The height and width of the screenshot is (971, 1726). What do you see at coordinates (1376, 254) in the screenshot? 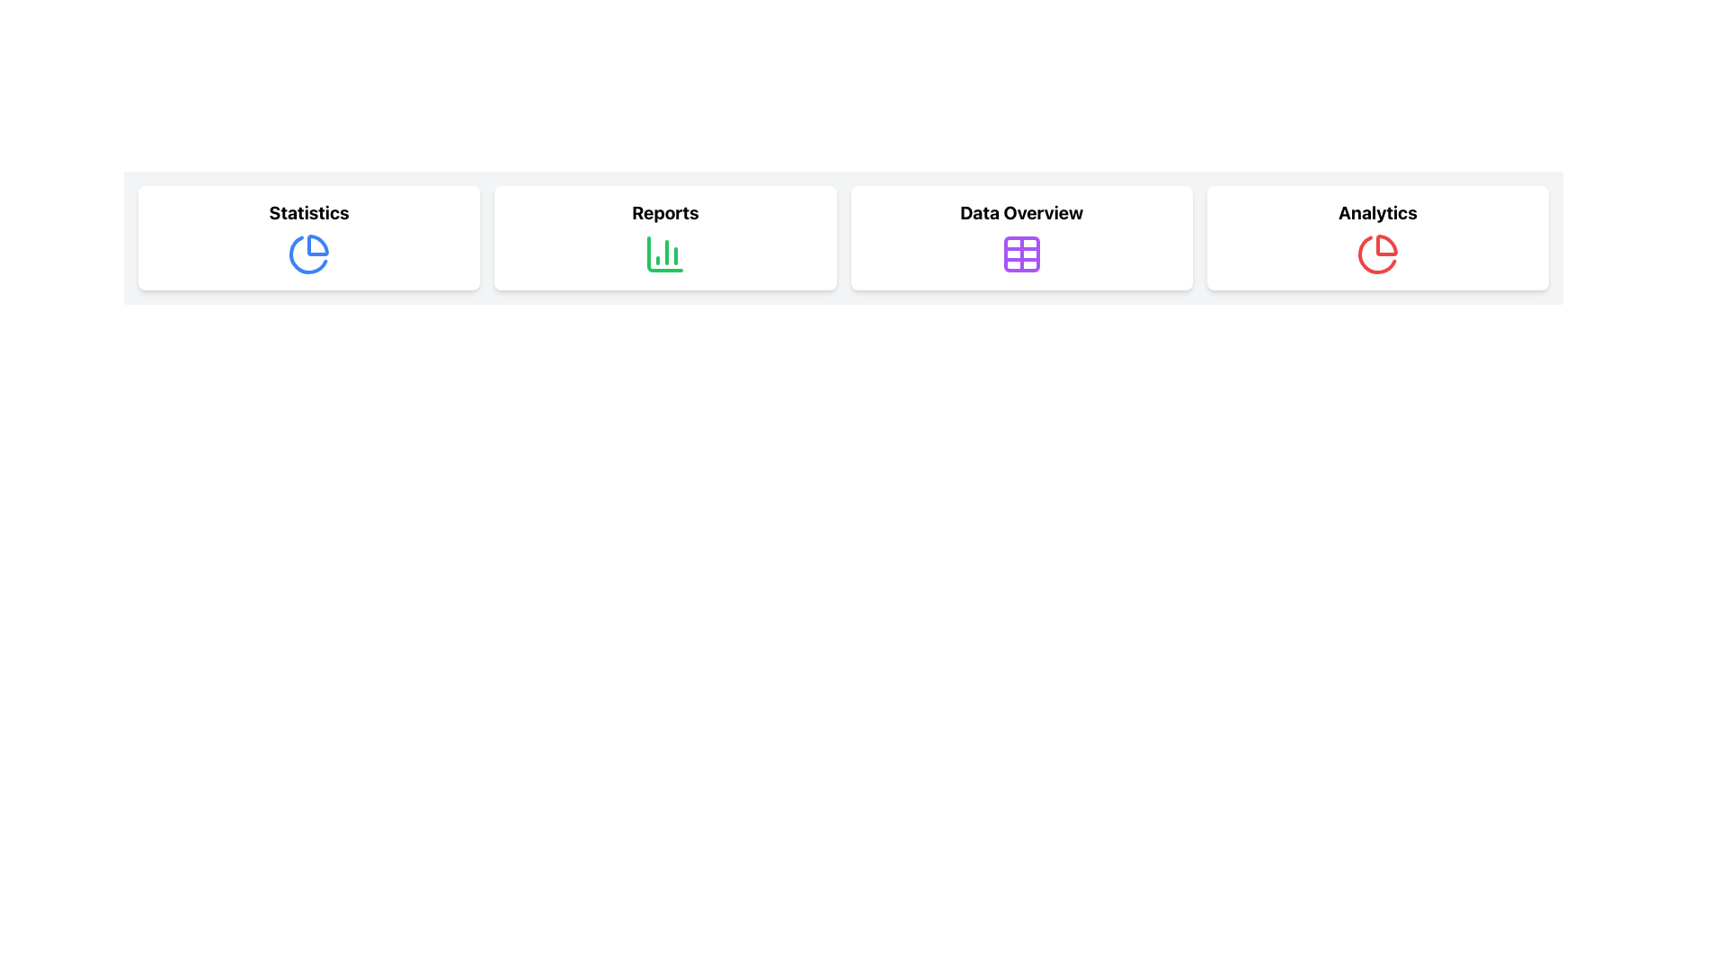
I see `the red pie chart segment icon located in the rightmost analytics card of the menu options` at bounding box center [1376, 254].